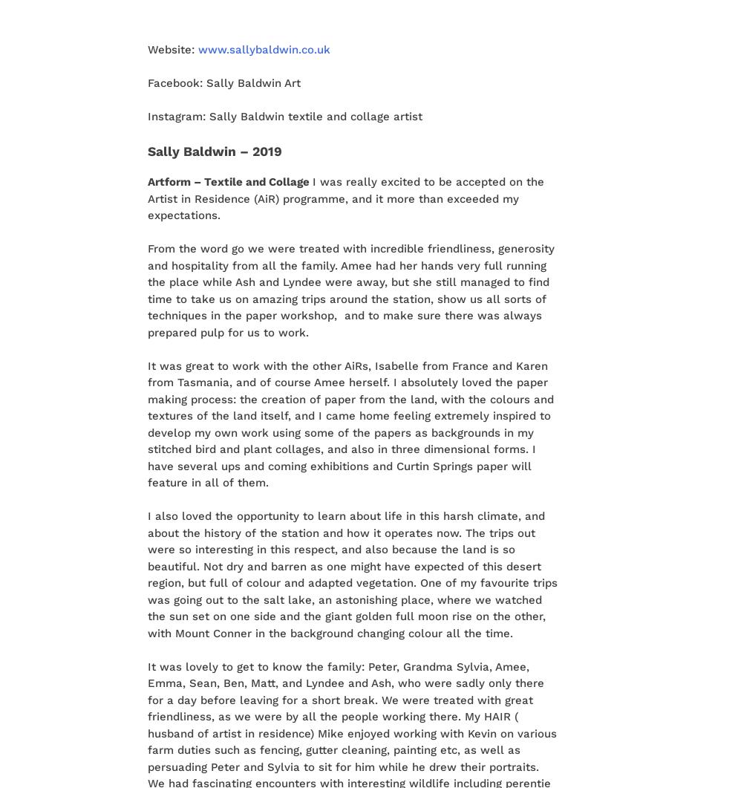 The image size is (738, 788). Describe the element at coordinates (146, 48) in the screenshot. I see `'Website:'` at that location.